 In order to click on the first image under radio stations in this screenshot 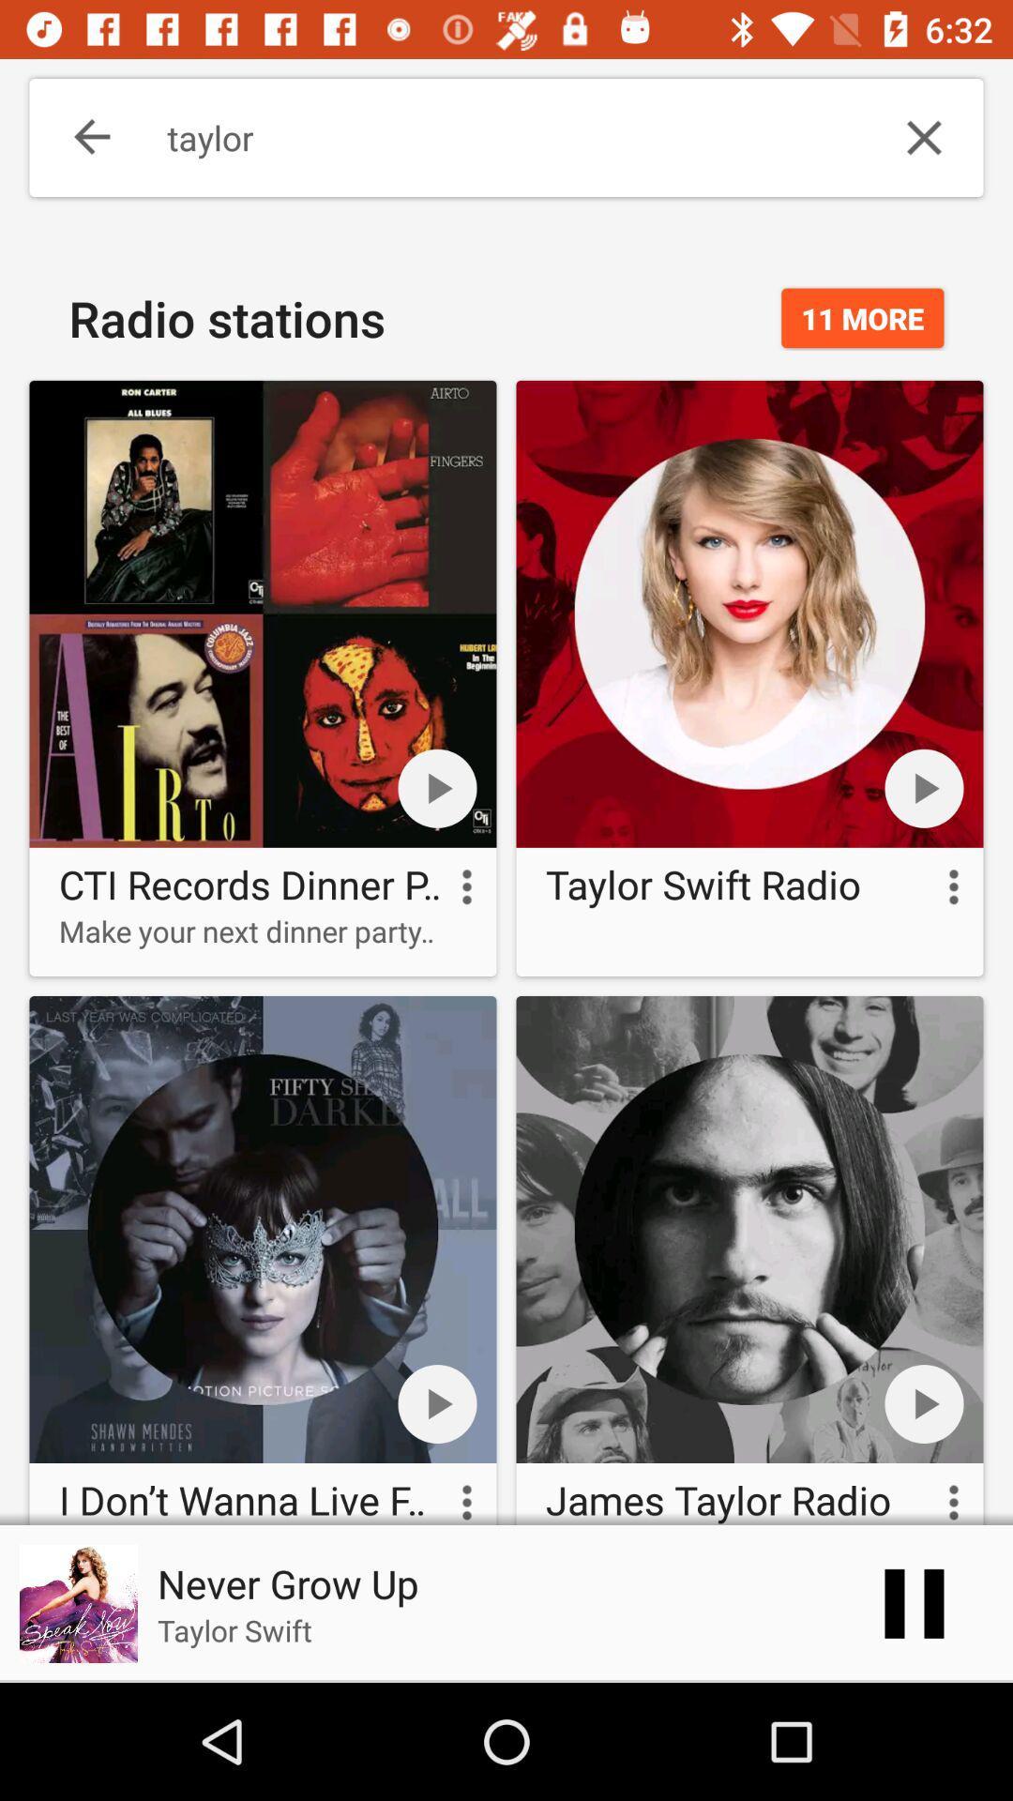, I will do `click(263, 677)`.